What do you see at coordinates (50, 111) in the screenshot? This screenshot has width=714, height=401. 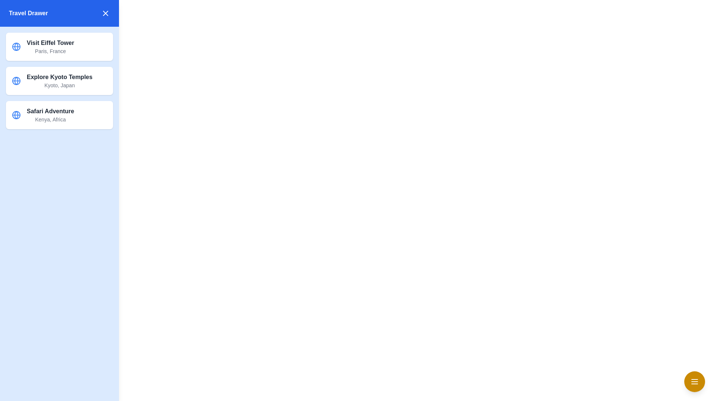 I see `title text of the third entry in the left-aligned Travel Drawer, which is positioned above the subtitle 'Kenya, Africa'` at bounding box center [50, 111].